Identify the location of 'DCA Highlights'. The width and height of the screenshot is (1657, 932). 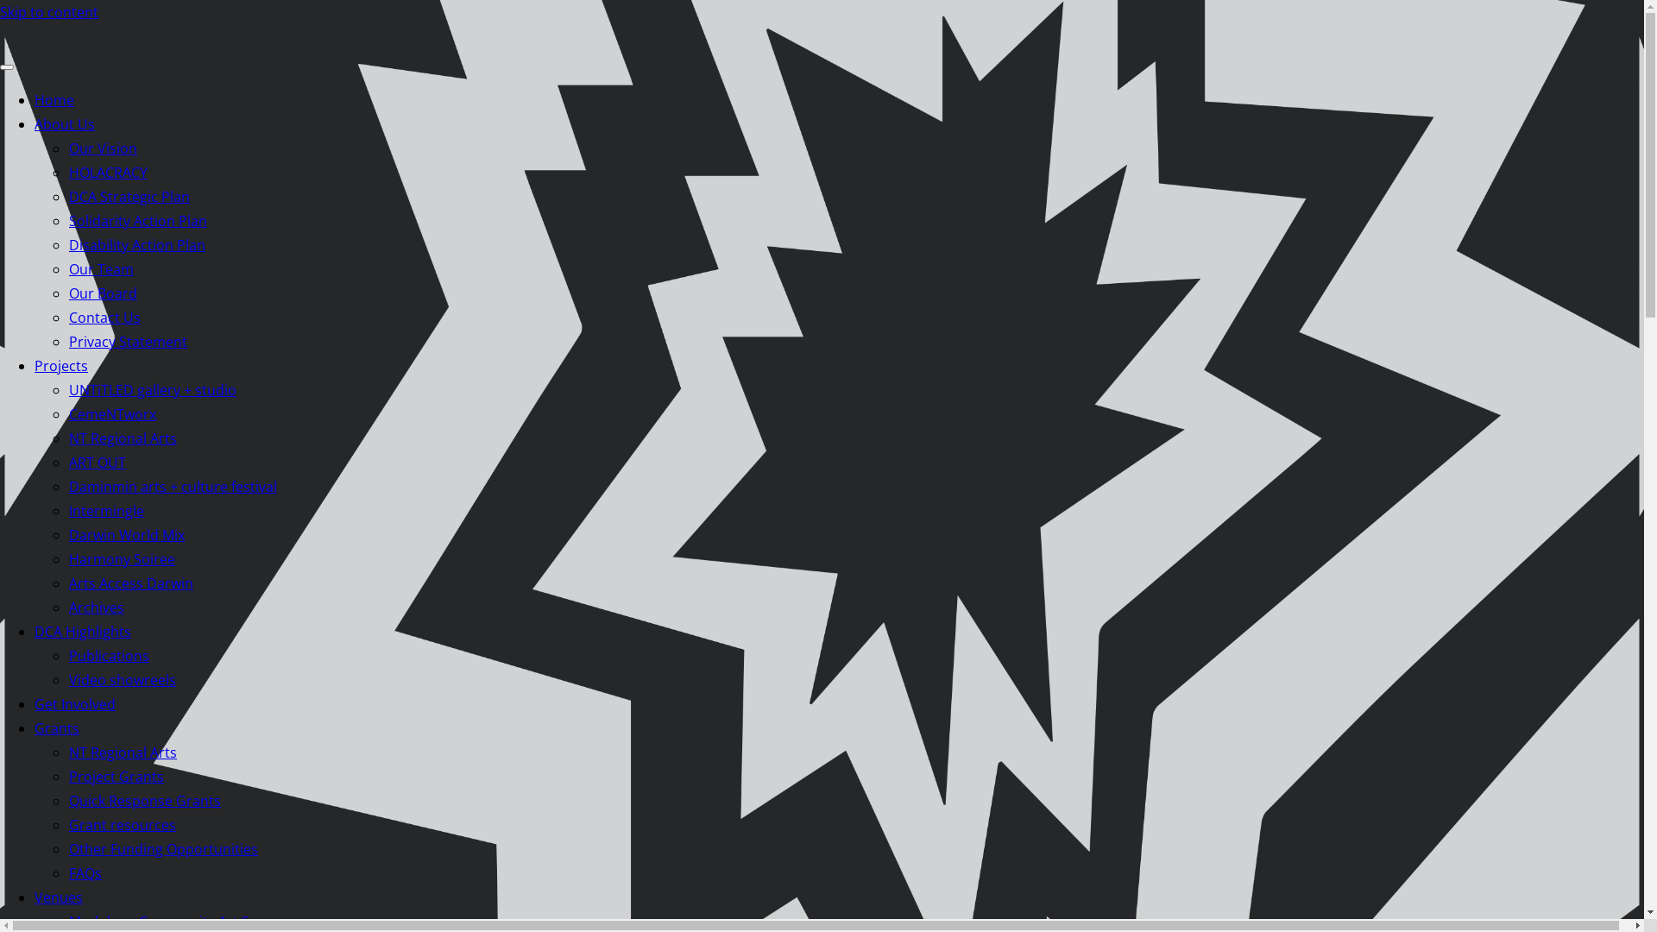
(82, 632).